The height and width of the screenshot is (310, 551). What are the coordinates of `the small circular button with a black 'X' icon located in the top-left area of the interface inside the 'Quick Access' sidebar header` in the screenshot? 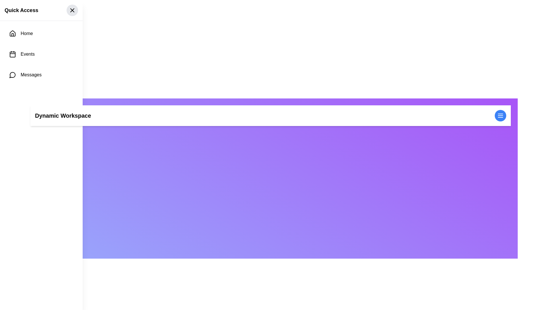 It's located at (72, 10).